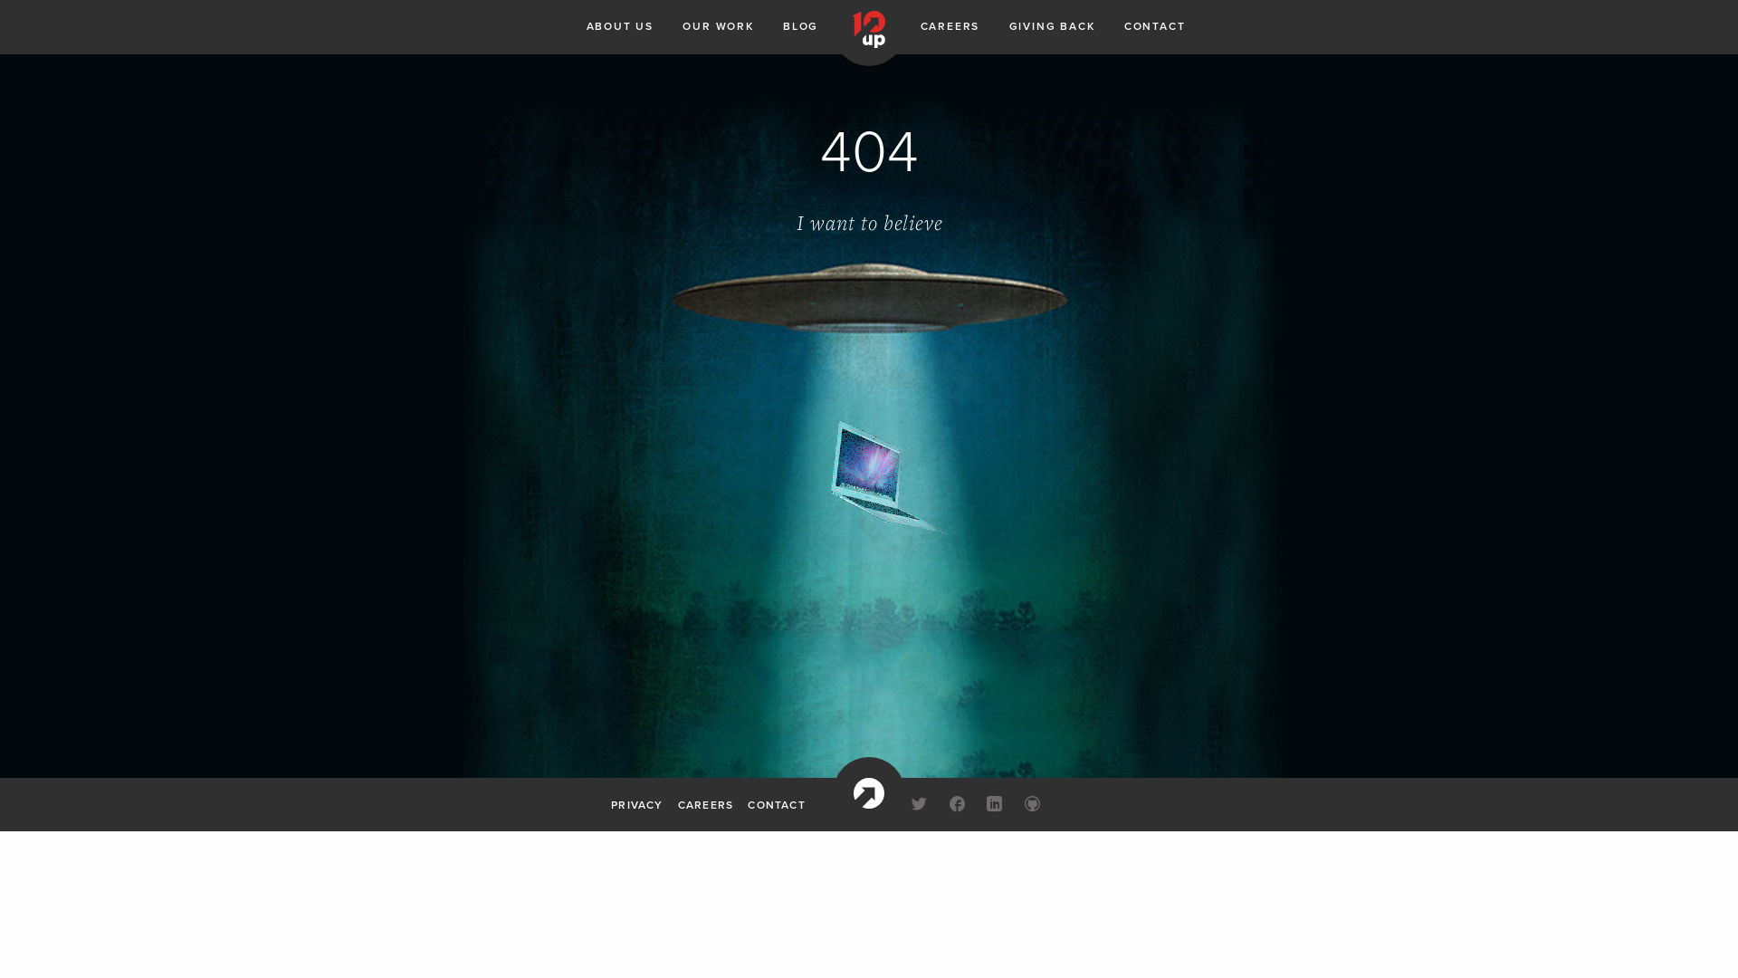 Image resolution: width=1738 pixels, height=978 pixels. What do you see at coordinates (776, 802) in the screenshot?
I see `'CONTACT'` at bounding box center [776, 802].